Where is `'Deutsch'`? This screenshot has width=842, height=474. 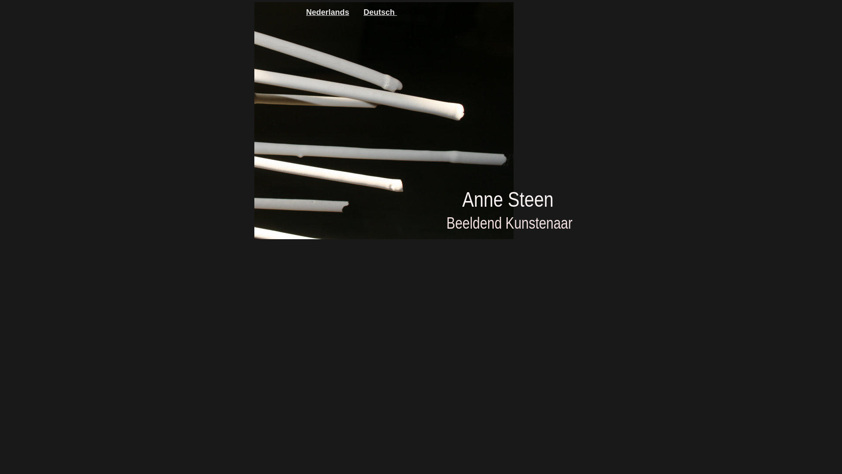 'Deutsch' is located at coordinates (364, 12).